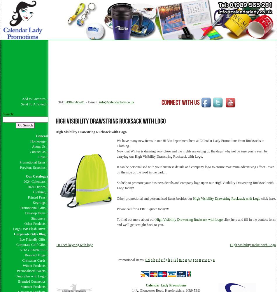  Describe the element at coordinates (36, 197) in the screenshot. I see `'Printed Pens'` at that location.